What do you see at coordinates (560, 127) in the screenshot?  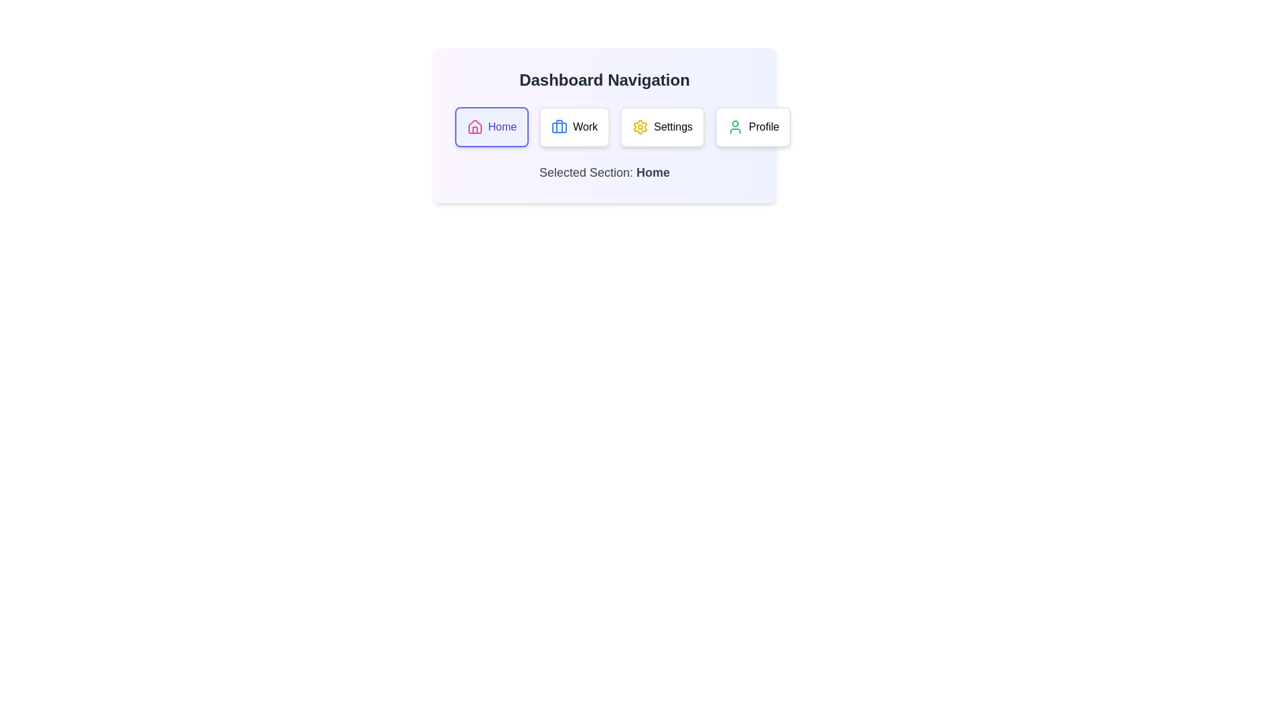 I see `the blue briefcase SVG icon located in the 'Work' section of the navigation menu` at bounding box center [560, 127].